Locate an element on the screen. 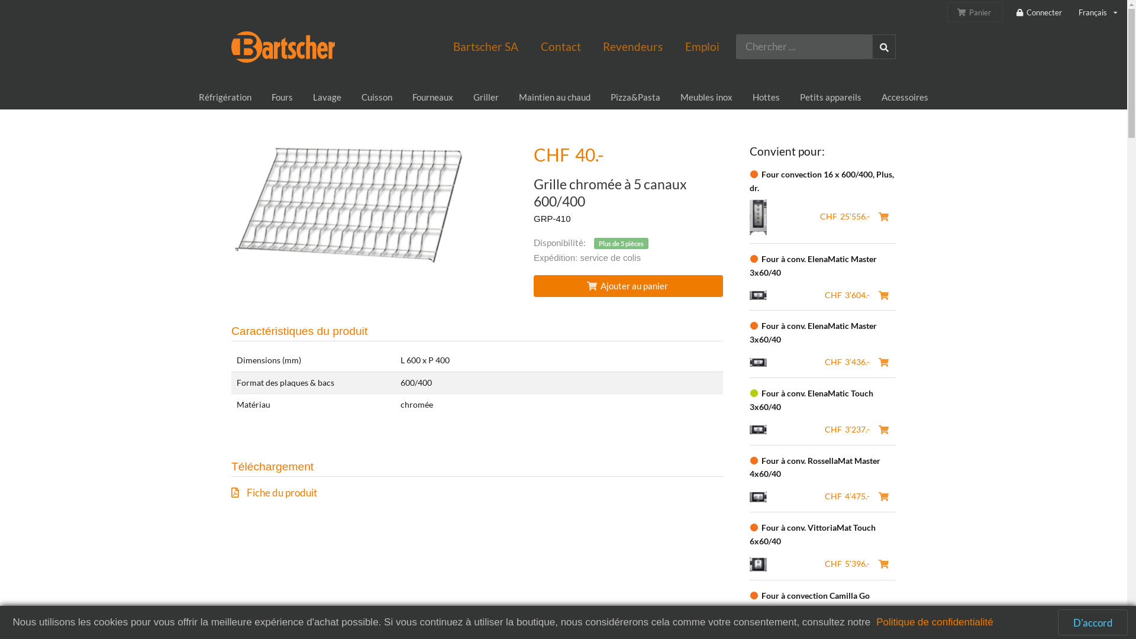 This screenshot has width=1136, height=639. 'Meubles inox' is located at coordinates (670, 97).